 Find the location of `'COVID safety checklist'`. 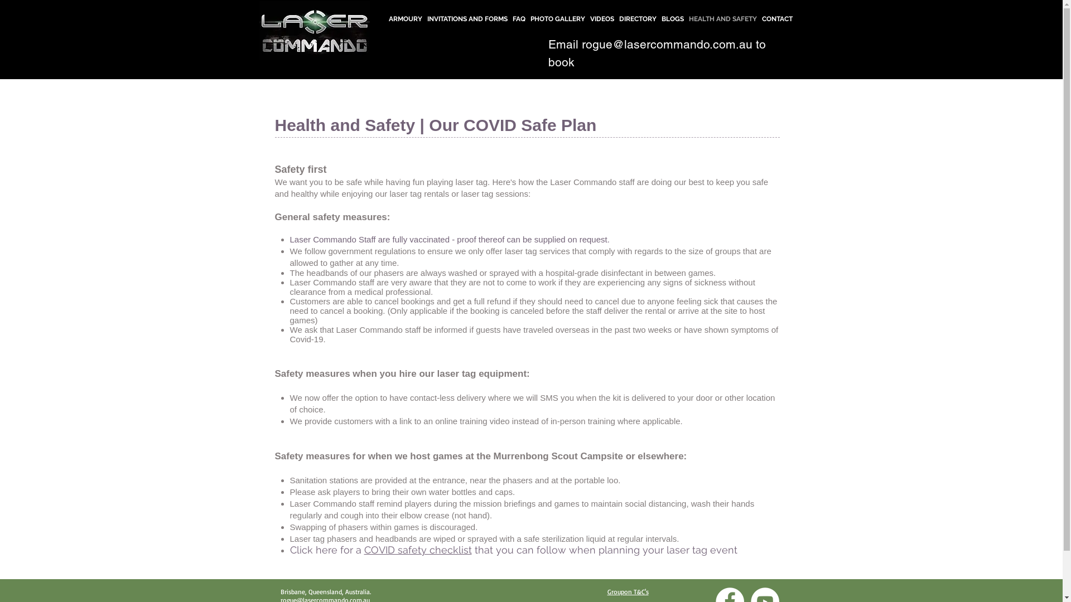

'COVID safety checklist' is located at coordinates (364, 549).